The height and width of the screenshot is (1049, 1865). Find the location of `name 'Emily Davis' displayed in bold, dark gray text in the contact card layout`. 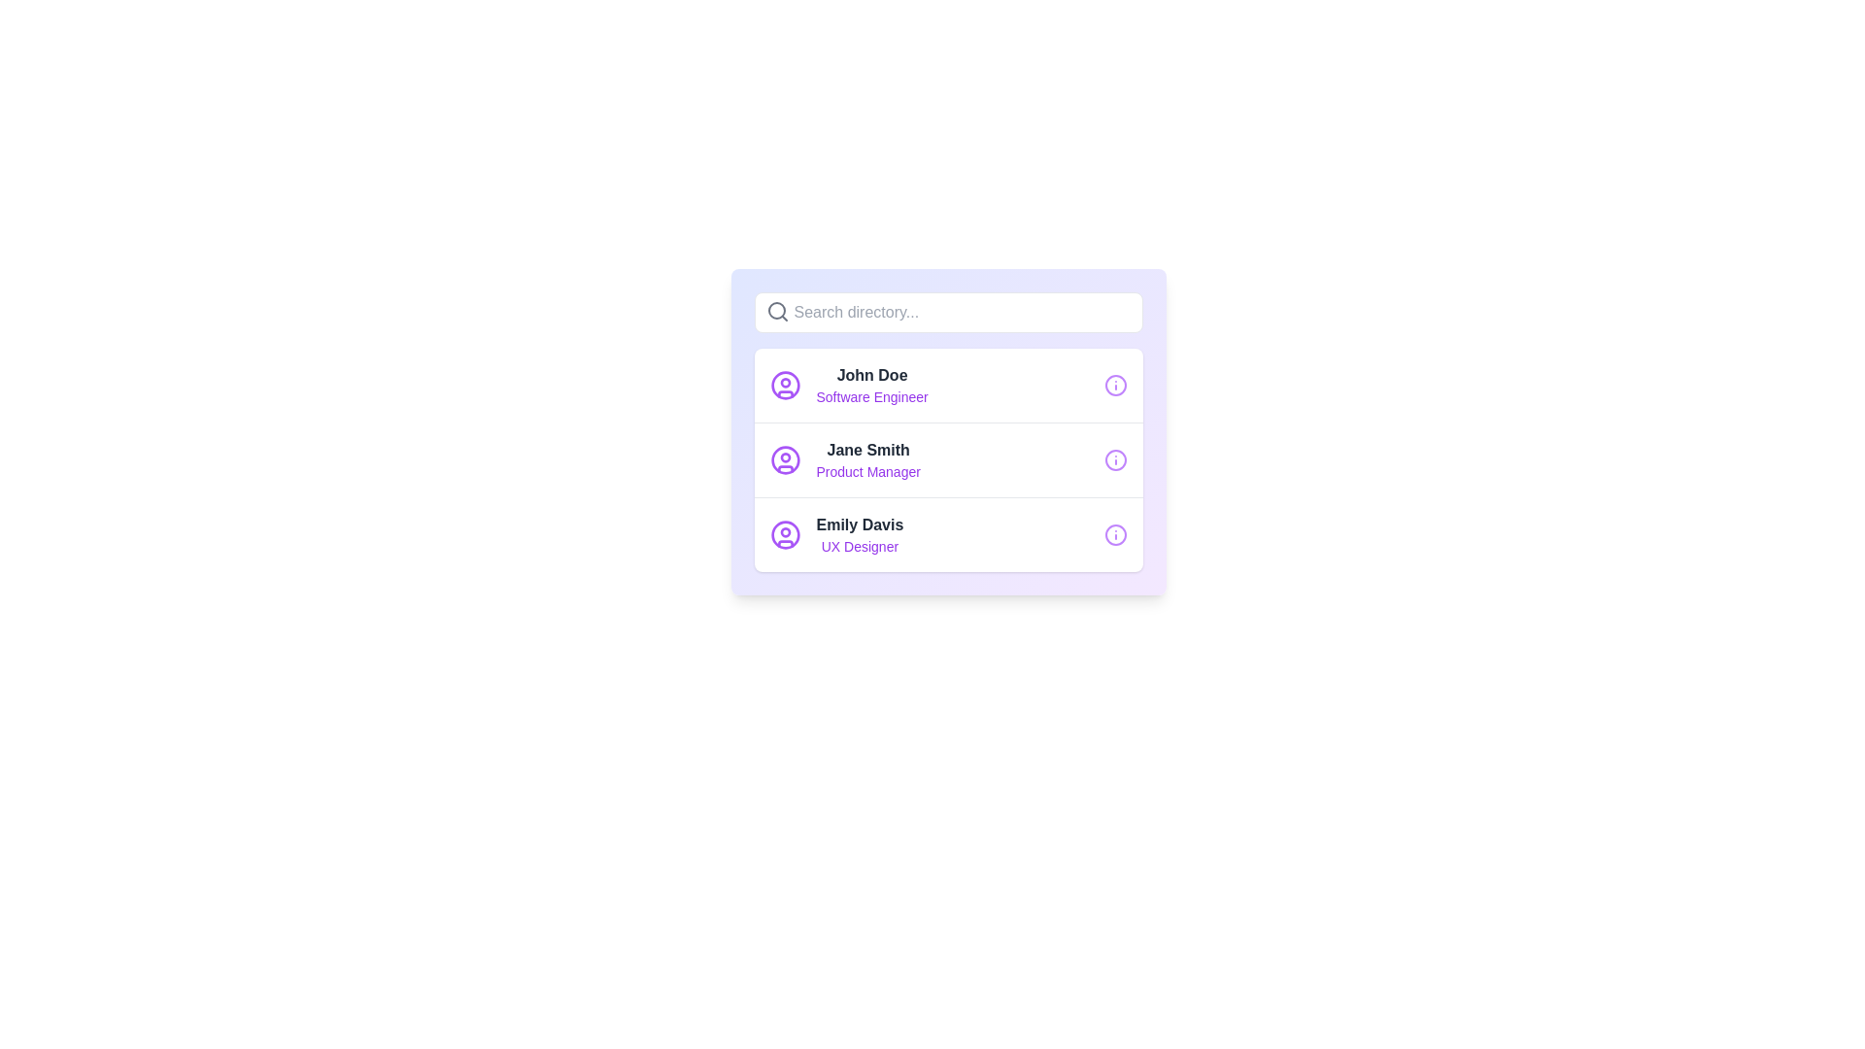

name 'Emily Davis' displayed in bold, dark gray text in the contact card layout is located at coordinates (859, 524).